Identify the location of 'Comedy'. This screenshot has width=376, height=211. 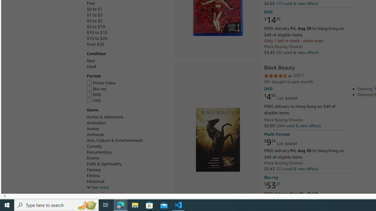
(127, 146).